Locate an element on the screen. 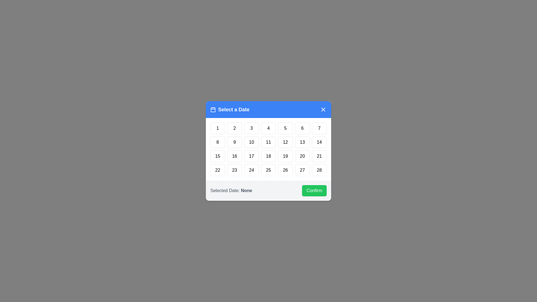 Image resolution: width=537 pixels, height=302 pixels. the button representing the day 10 to select that date is located at coordinates (251, 142).